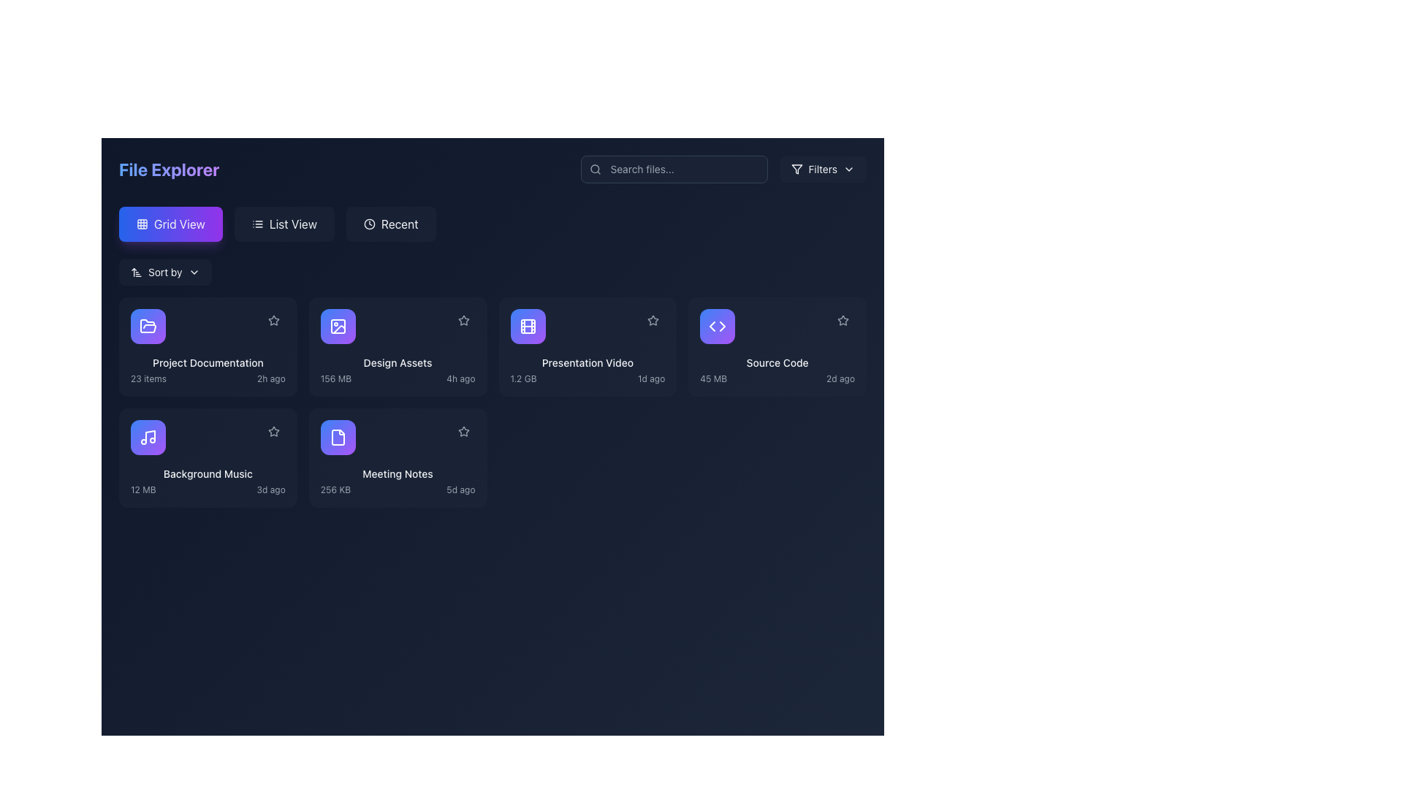 Image resolution: width=1403 pixels, height=789 pixels. What do you see at coordinates (840, 378) in the screenshot?
I see `the text label displaying '2d ago', which is styled in gray and smaller font size, located in the bottom right corner of the item card for 'Source Code'` at bounding box center [840, 378].